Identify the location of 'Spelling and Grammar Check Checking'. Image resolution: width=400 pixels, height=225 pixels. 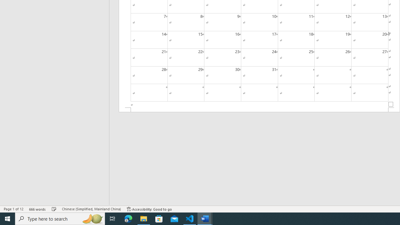
(54, 209).